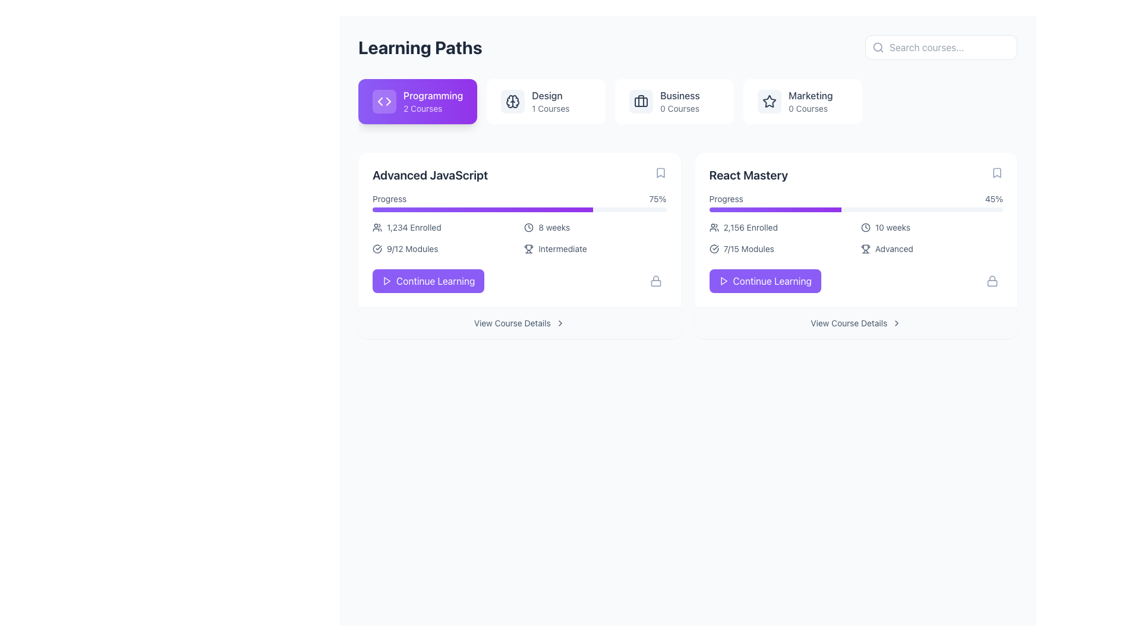  What do you see at coordinates (418, 100) in the screenshot?
I see `the rectangular button with a gradient background, featuring a white code symbol and the text 'Programming' in bold and '2 Courses' below it` at bounding box center [418, 100].